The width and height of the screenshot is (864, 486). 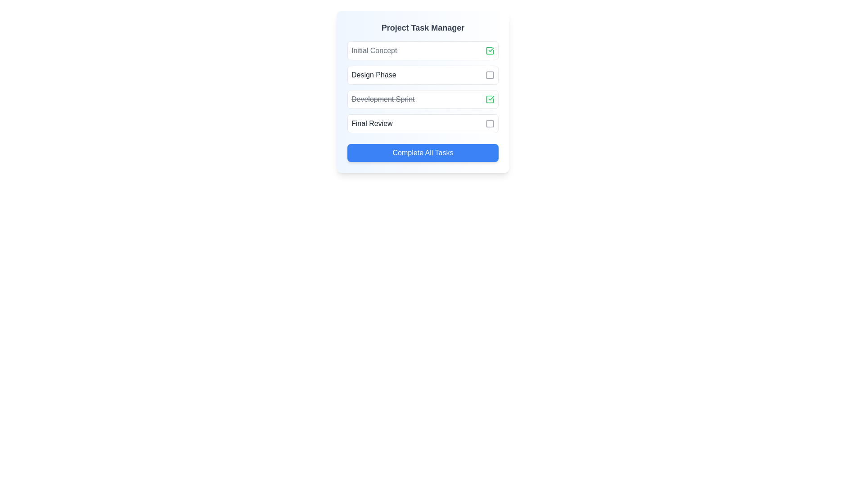 I want to click on the green check icon with a rounded stroke, located within the 'Initial Concept' task row, near the crossed-out text indicating task completion, so click(x=490, y=50).